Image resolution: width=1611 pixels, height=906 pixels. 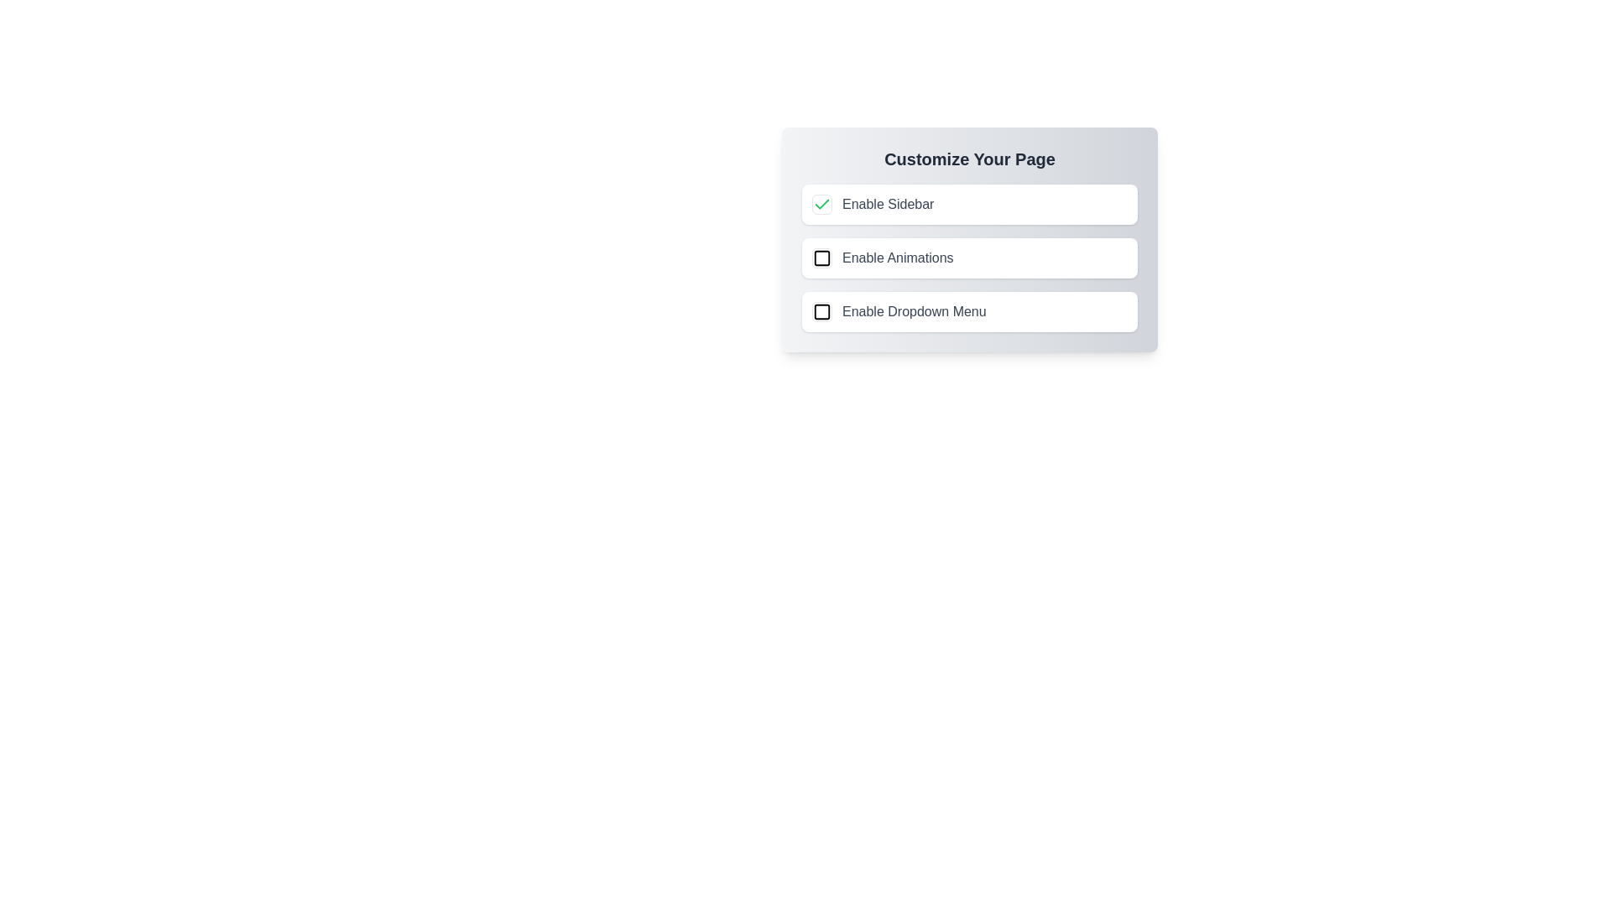 What do you see at coordinates (821, 311) in the screenshot?
I see `the small square button with rounded corners that is located at the beginning of the row labeled 'Enable Dropdown Menu'` at bounding box center [821, 311].